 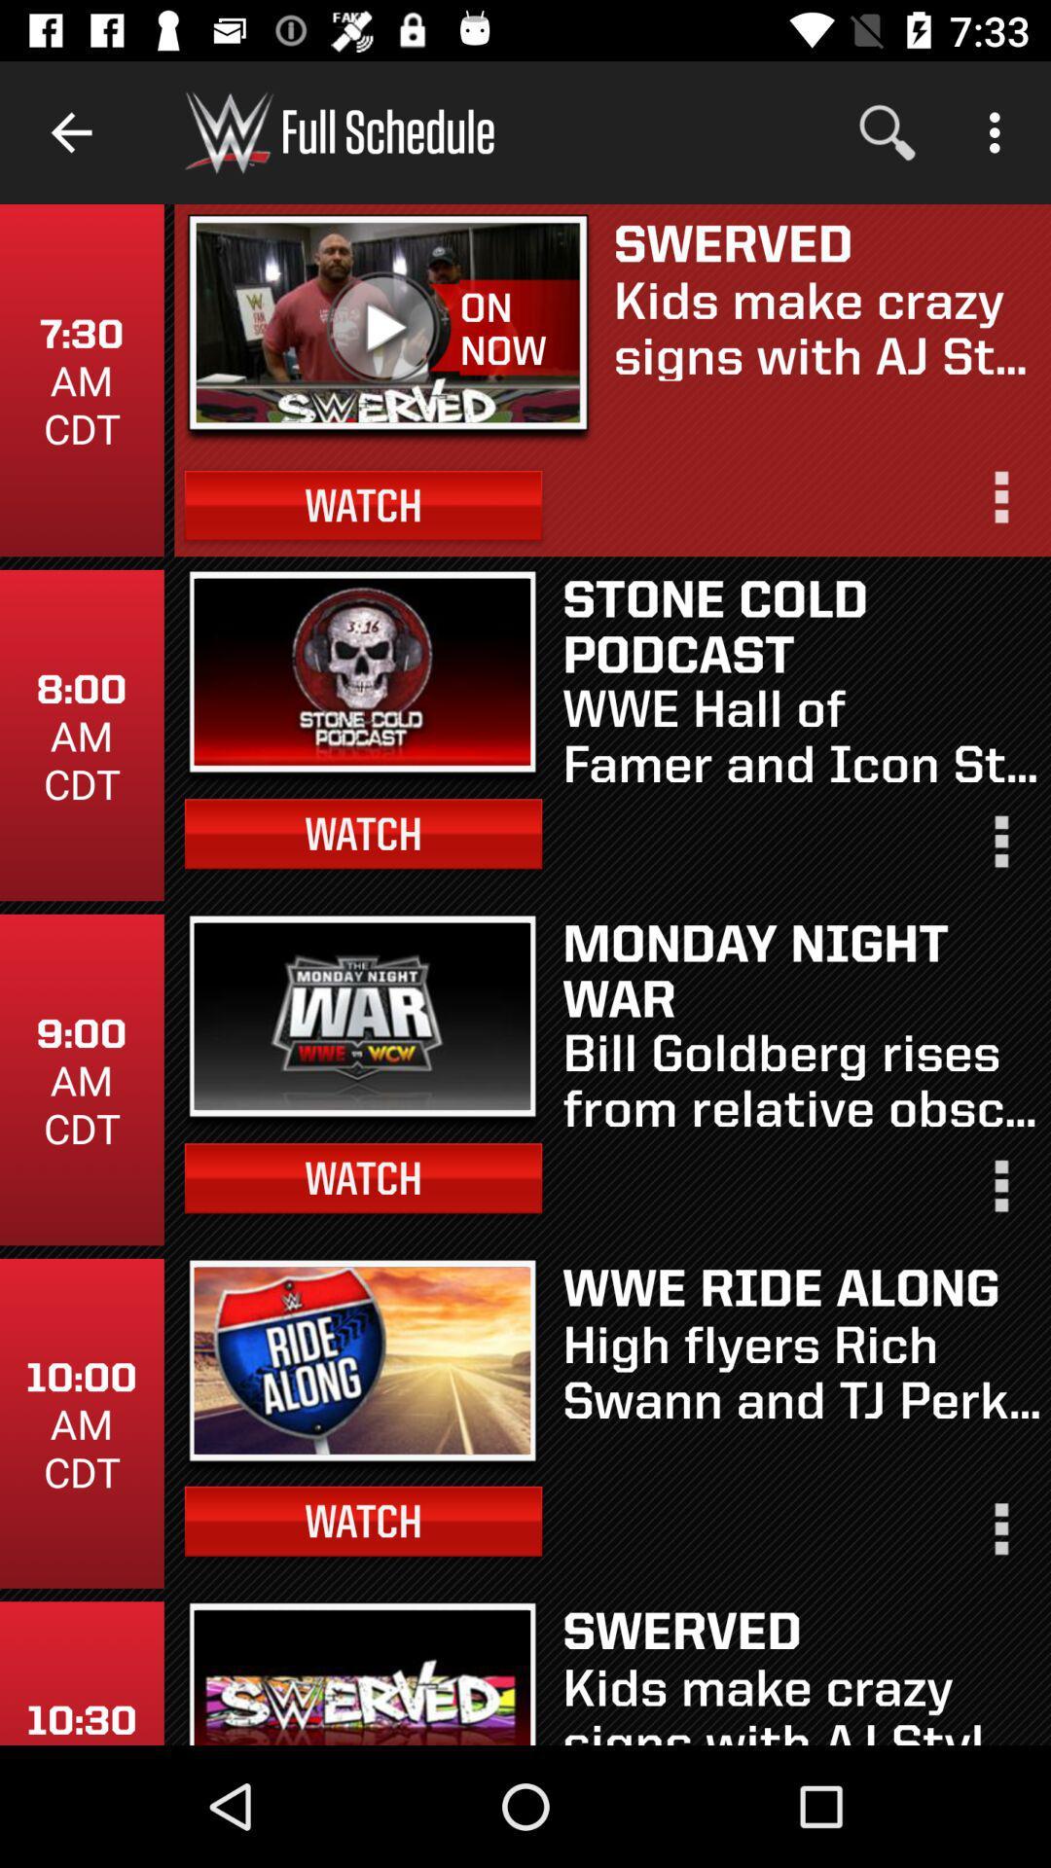 I want to click on item next to on now icon, so click(x=388, y=329).